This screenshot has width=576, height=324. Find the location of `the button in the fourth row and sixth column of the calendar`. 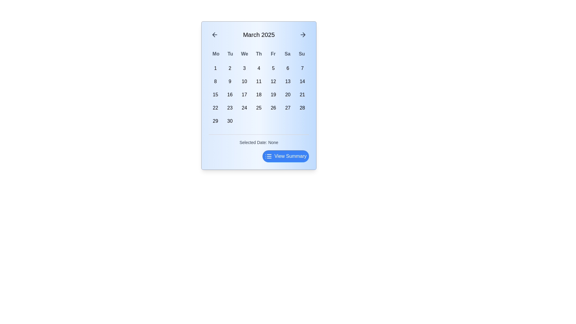

the button in the fourth row and sixth column of the calendar is located at coordinates (273, 107).